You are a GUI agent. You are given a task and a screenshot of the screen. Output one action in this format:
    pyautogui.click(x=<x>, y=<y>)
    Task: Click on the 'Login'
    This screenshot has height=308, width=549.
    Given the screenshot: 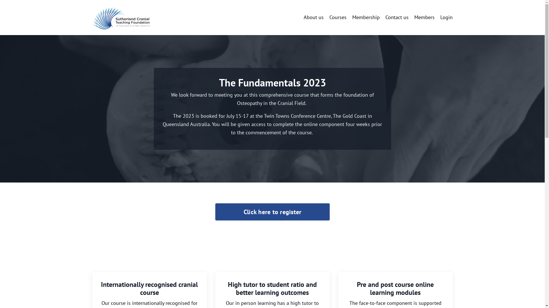 What is the action you would take?
    pyautogui.click(x=440, y=17)
    